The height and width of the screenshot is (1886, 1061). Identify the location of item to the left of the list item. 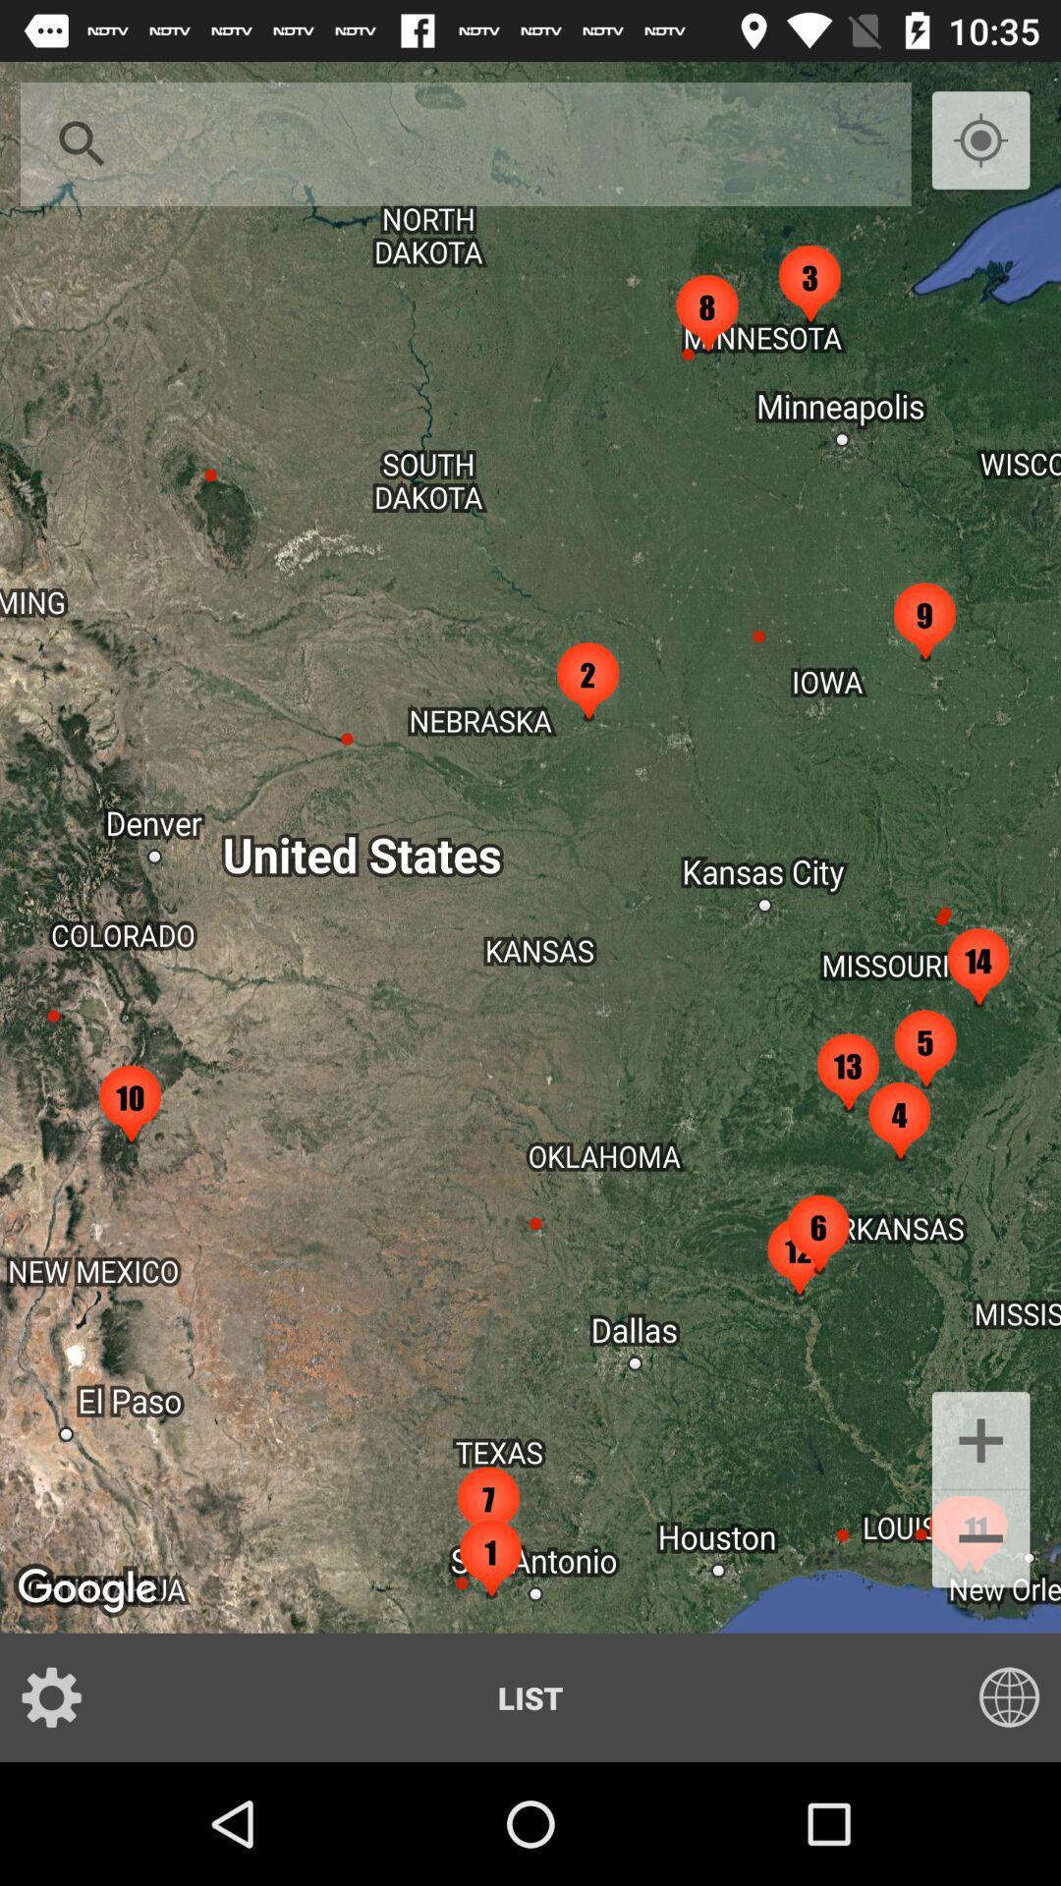
(63, 1696).